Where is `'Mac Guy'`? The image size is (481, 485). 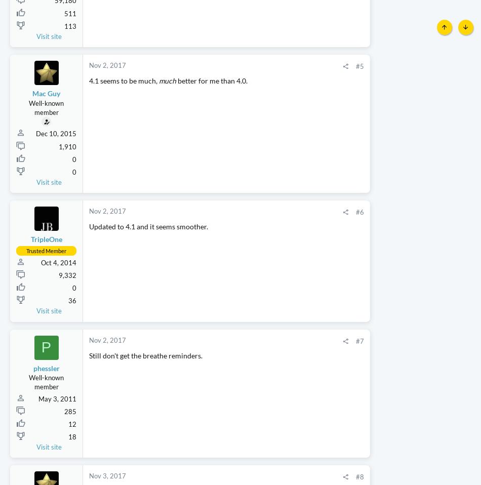 'Mac Guy' is located at coordinates (46, 123).